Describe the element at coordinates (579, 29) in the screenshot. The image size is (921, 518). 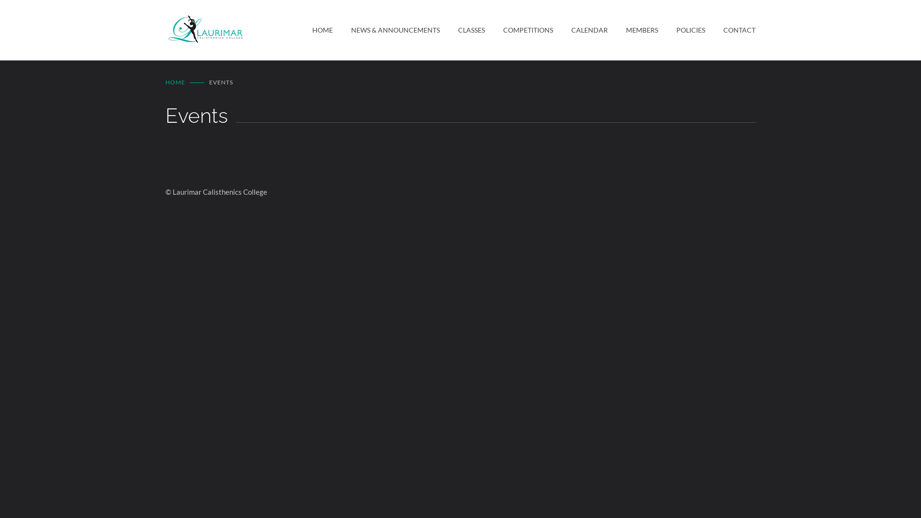
I see `'CALENDAR'` at that location.